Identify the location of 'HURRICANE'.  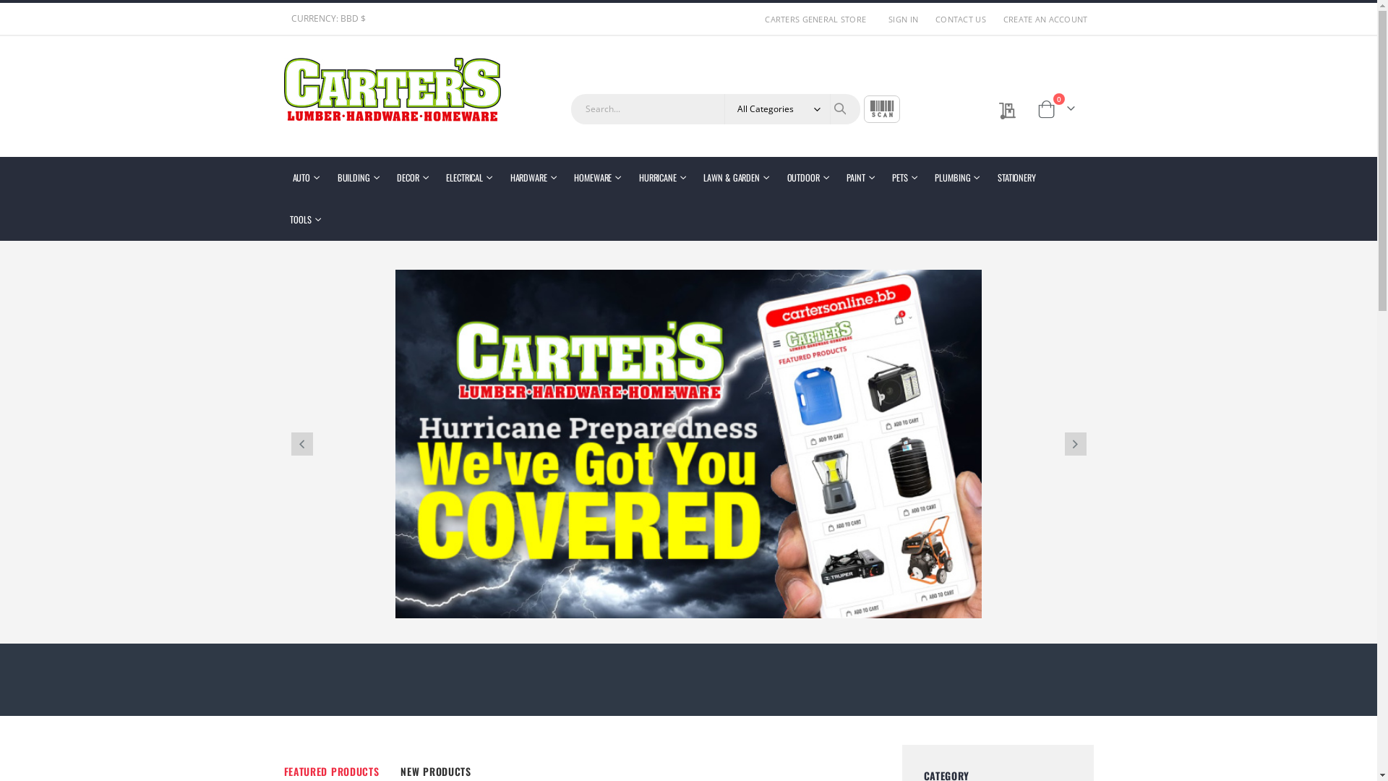
(661, 177).